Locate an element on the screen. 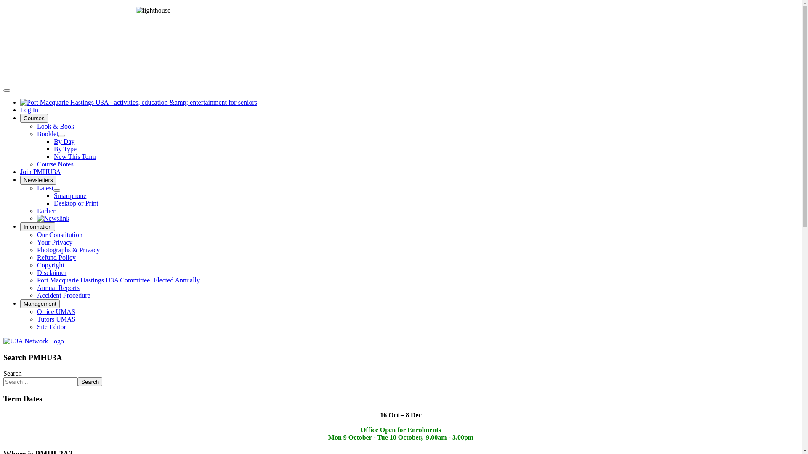 The height and width of the screenshot is (454, 808). 'Desktop or Print' is located at coordinates (76, 203).